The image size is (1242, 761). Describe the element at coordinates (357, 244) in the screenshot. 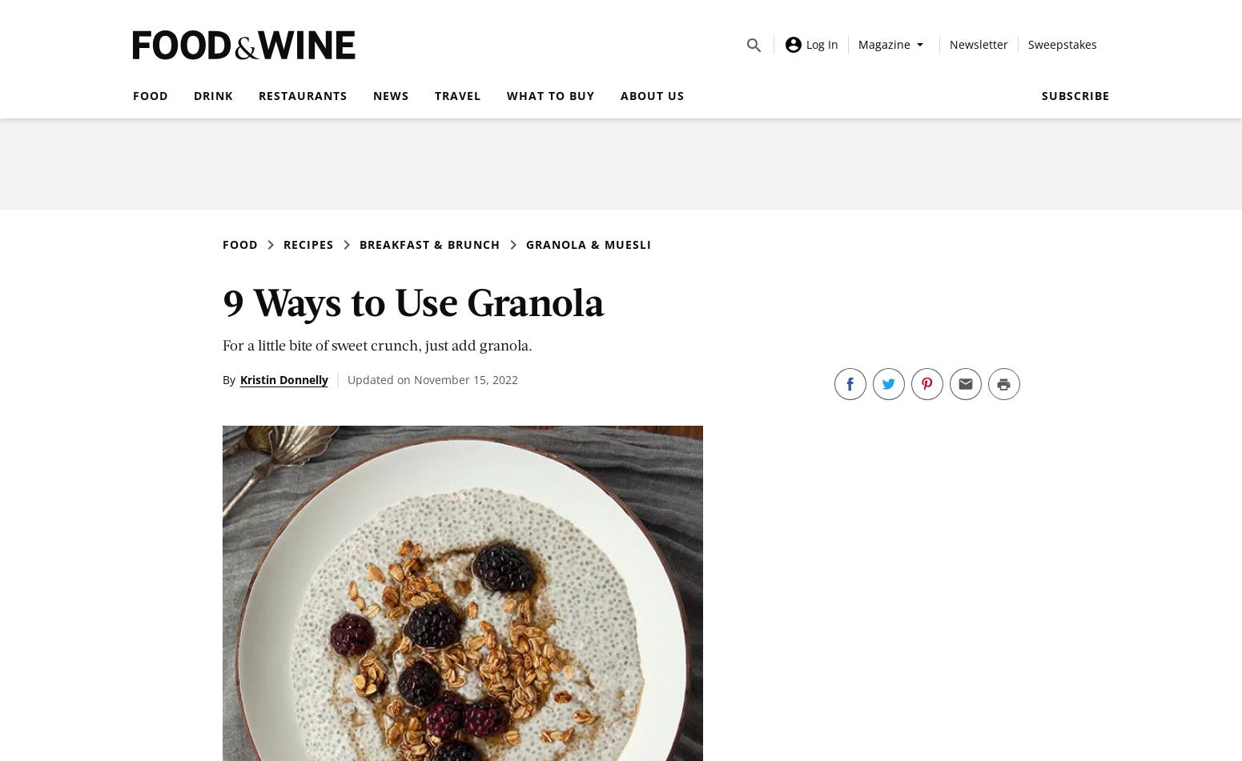

I see `'Breakfast & Brunch'` at that location.